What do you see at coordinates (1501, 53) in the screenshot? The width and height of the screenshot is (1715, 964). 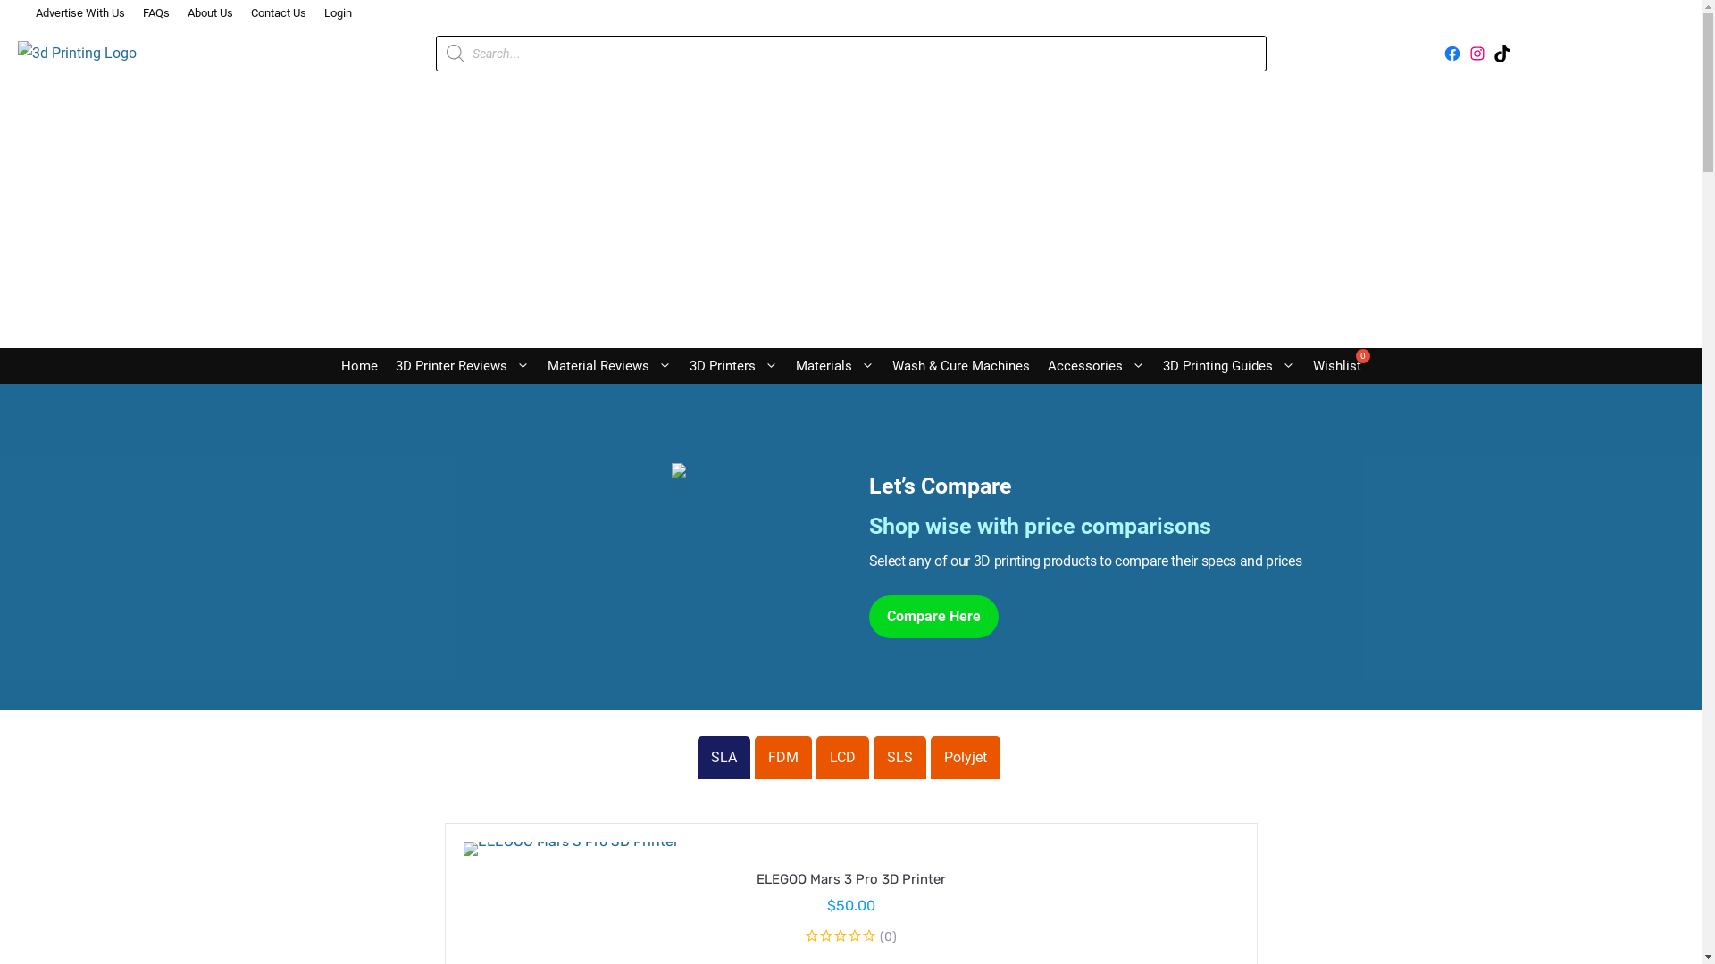 I see `'TikTok'` at bounding box center [1501, 53].